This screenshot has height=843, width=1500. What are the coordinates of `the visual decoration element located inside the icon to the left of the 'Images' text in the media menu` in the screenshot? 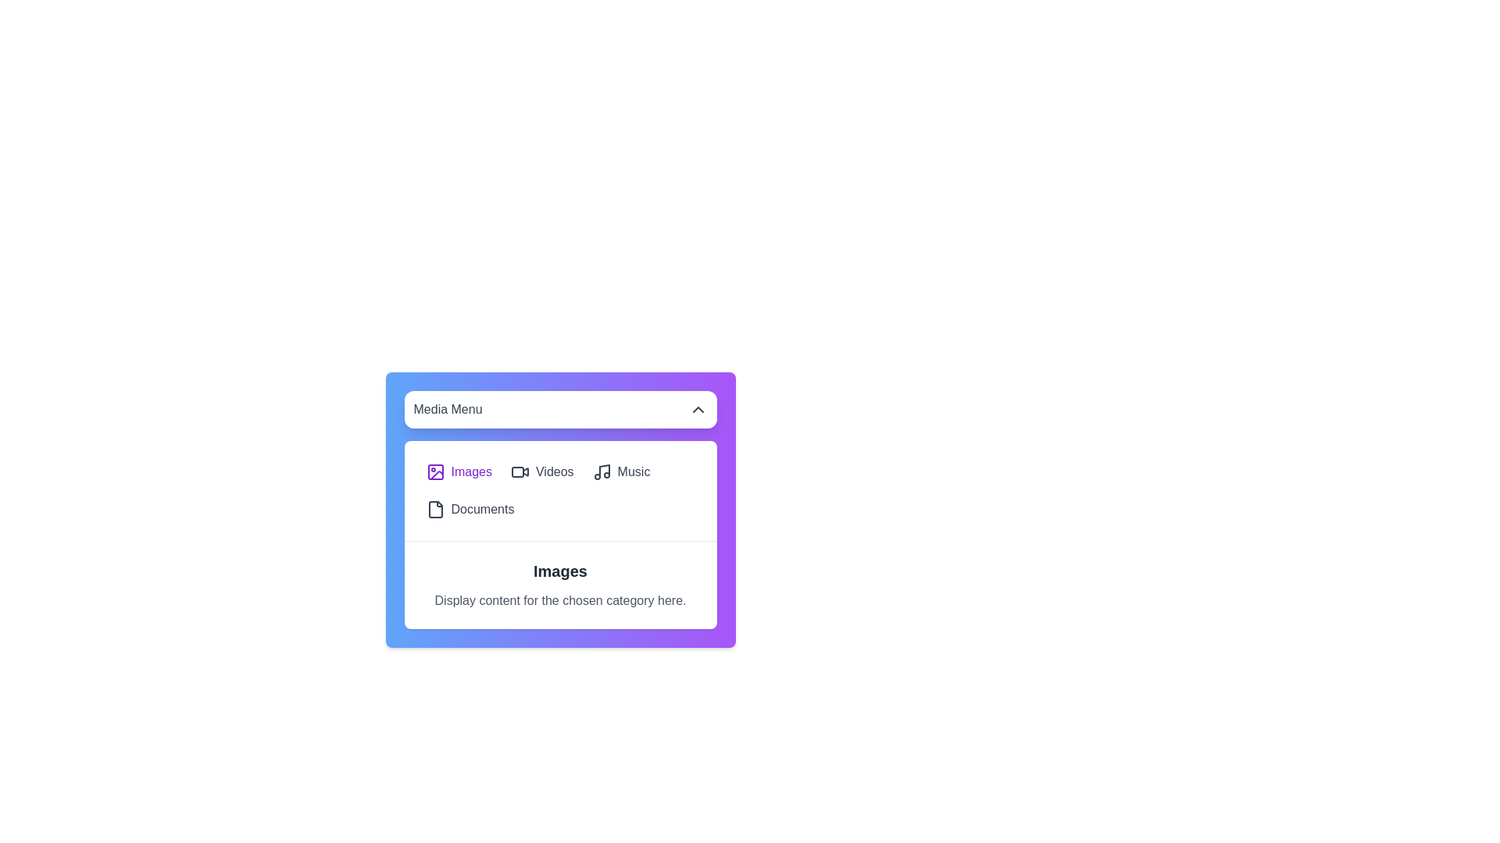 It's located at (435, 471).